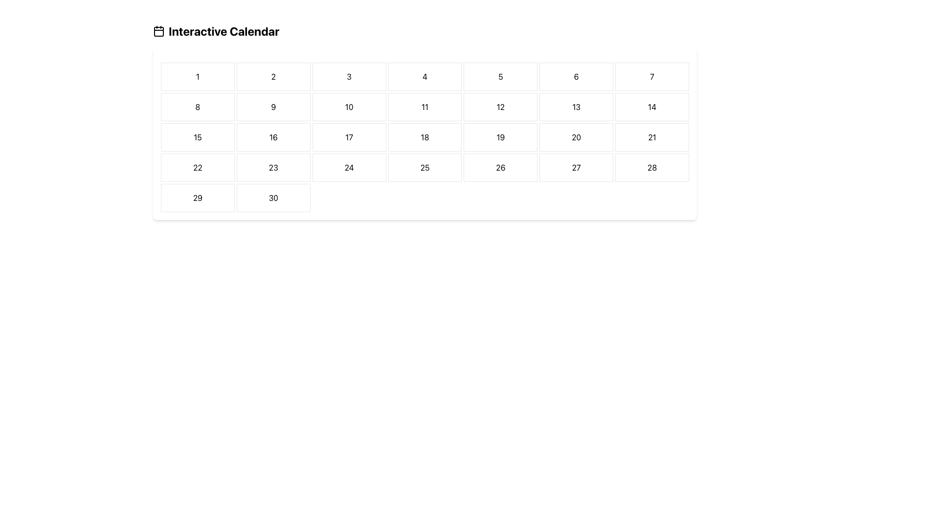 The height and width of the screenshot is (528, 939). What do you see at coordinates (576, 107) in the screenshot?
I see `the grid cell displaying the numeral '13'` at bounding box center [576, 107].